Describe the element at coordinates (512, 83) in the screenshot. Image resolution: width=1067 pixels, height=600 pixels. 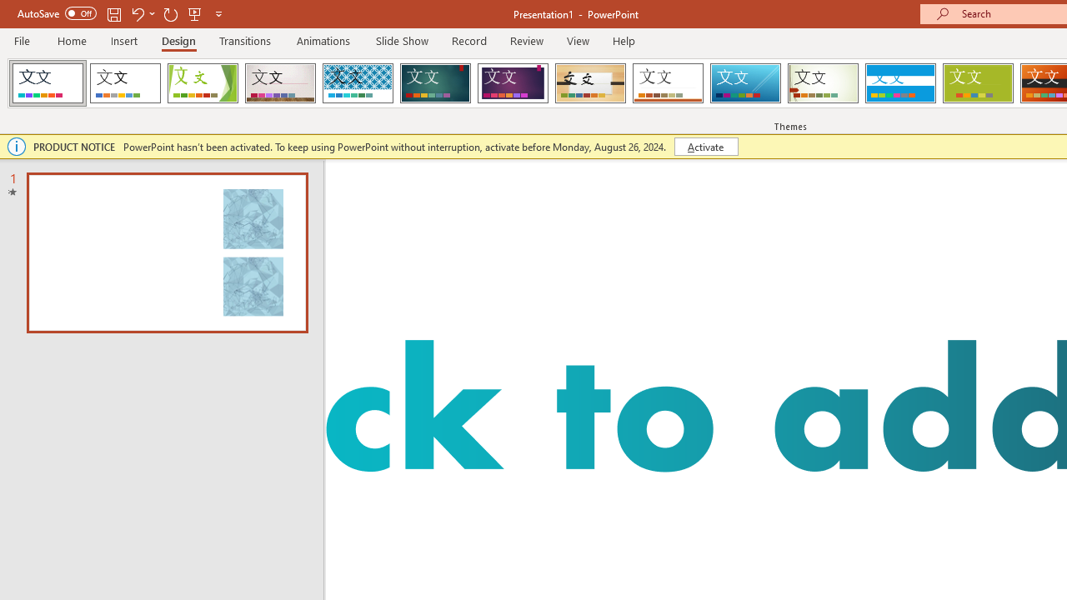
I see `'Ion Boardroom'` at that location.